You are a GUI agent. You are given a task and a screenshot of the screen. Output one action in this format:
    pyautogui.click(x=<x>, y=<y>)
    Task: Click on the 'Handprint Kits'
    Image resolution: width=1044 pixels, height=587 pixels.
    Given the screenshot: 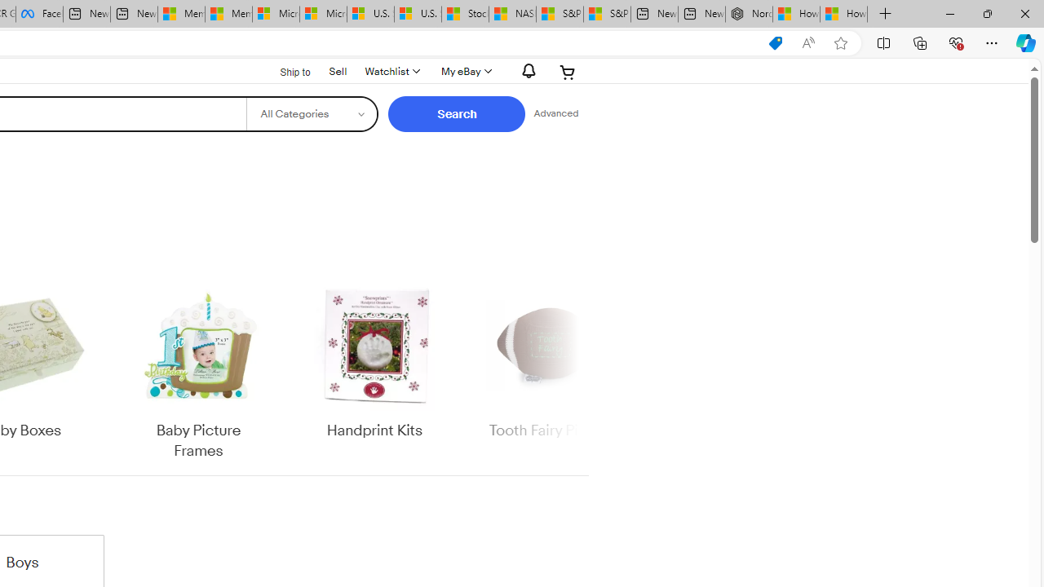 What is the action you would take?
    pyautogui.click(x=374, y=371)
    